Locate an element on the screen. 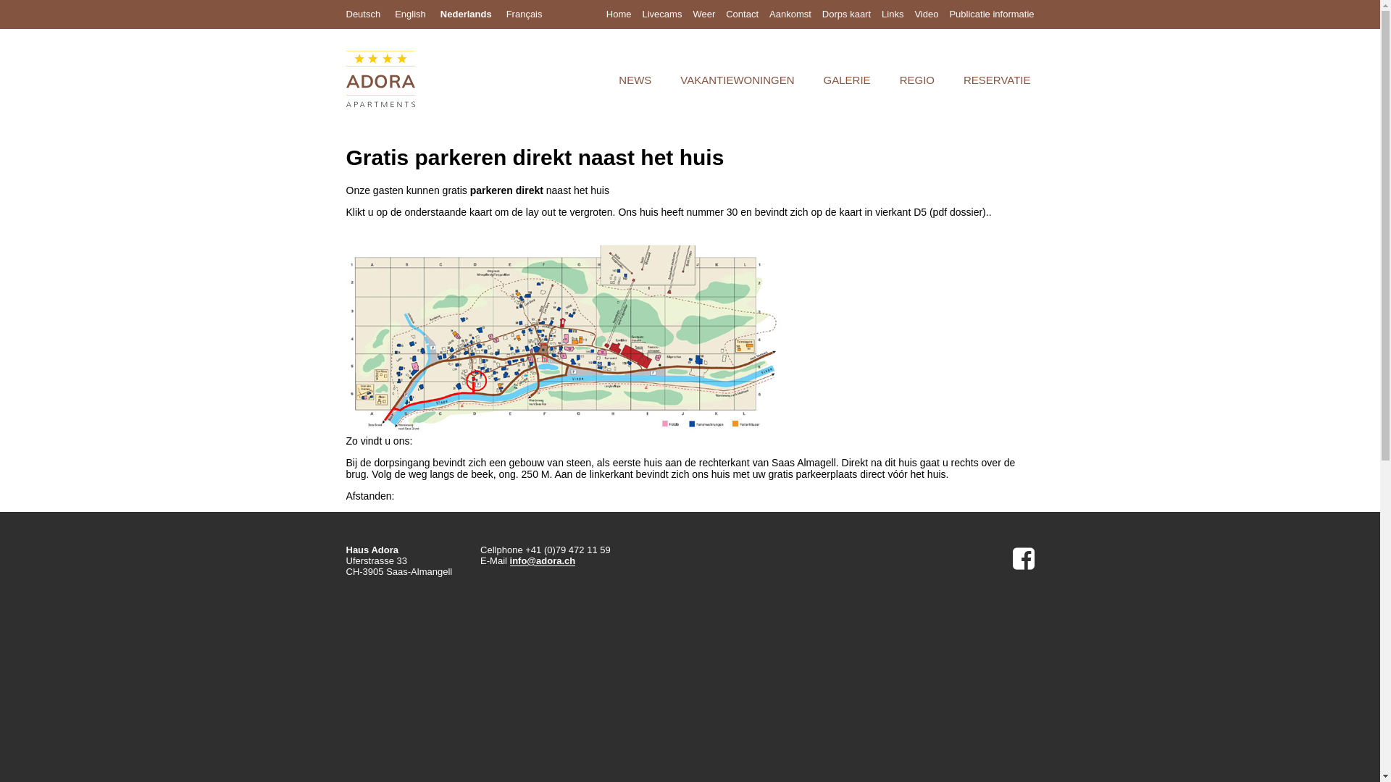 Image resolution: width=1391 pixels, height=782 pixels. 'Publicatie informatie' is located at coordinates (990, 14).